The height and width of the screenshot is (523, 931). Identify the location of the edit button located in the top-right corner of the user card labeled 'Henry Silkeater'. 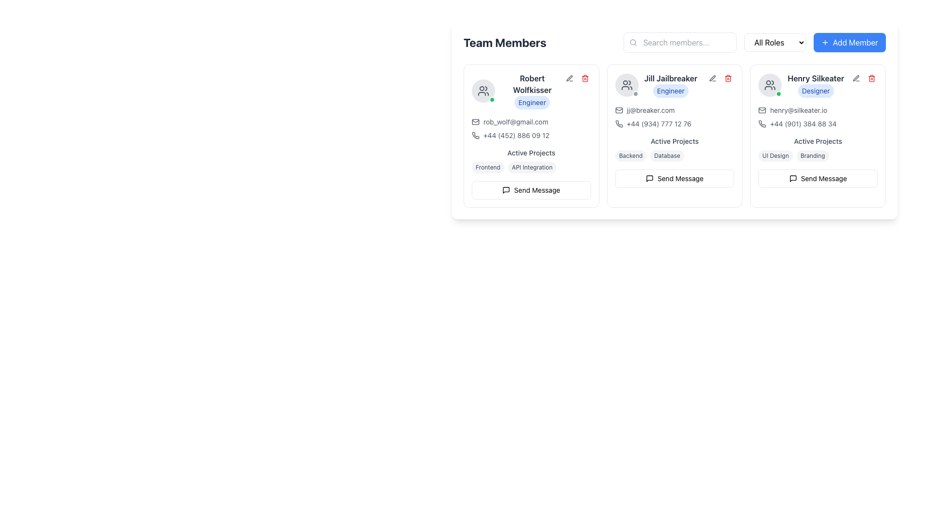
(856, 78).